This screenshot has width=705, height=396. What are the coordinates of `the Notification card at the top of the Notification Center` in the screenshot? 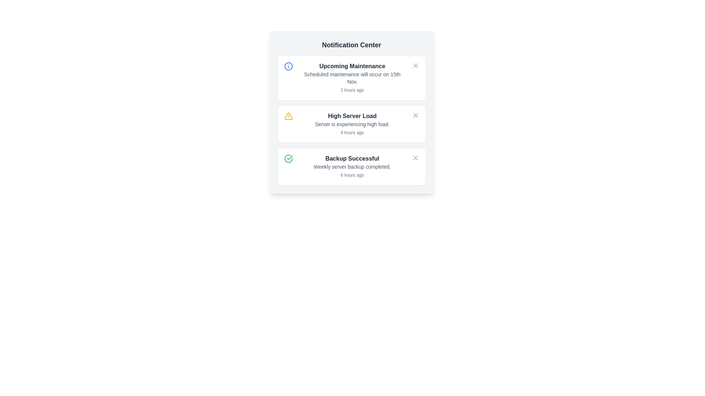 It's located at (352, 78).